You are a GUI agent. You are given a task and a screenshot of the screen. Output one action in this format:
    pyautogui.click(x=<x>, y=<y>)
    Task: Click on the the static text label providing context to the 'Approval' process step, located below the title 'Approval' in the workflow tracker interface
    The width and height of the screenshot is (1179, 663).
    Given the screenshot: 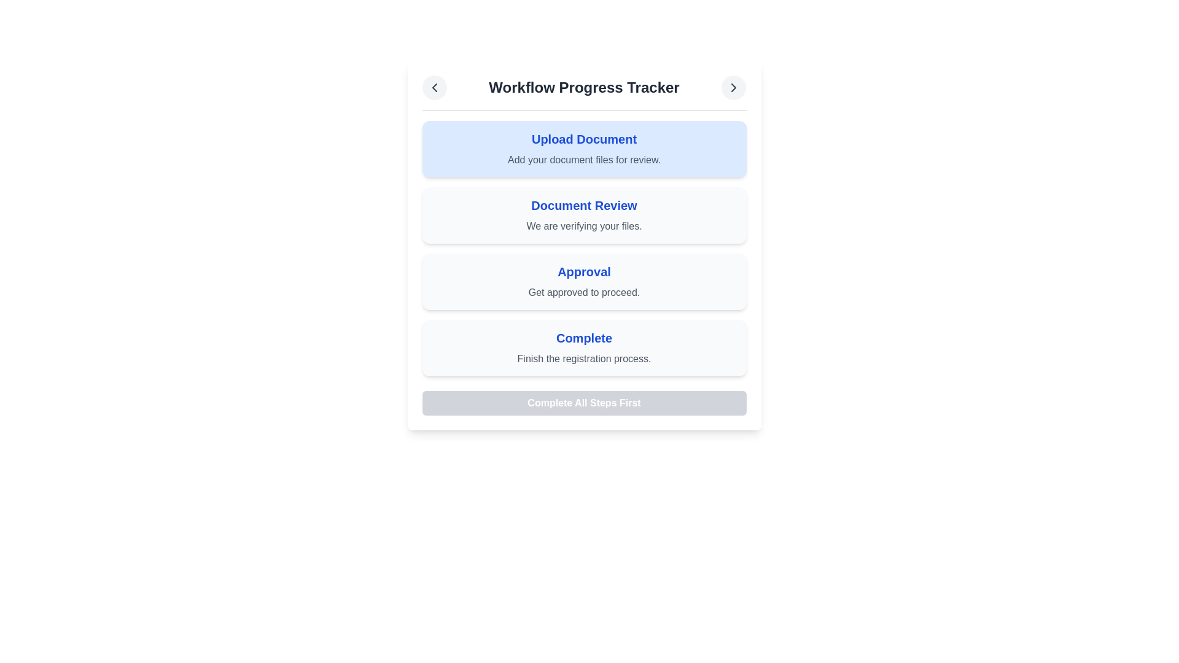 What is the action you would take?
    pyautogui.click(x=583, y=293)
    